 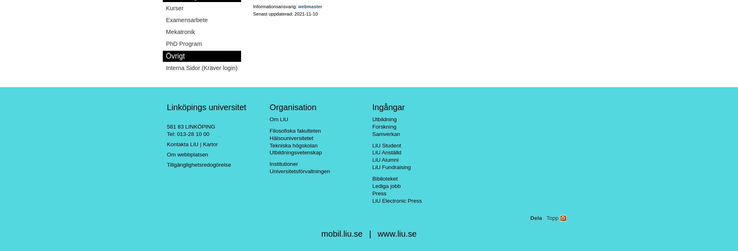 What do you see at coordinates (186, 20) in the screenshot?
I see `'Examensarbete'` at bounding box center [186, 20].